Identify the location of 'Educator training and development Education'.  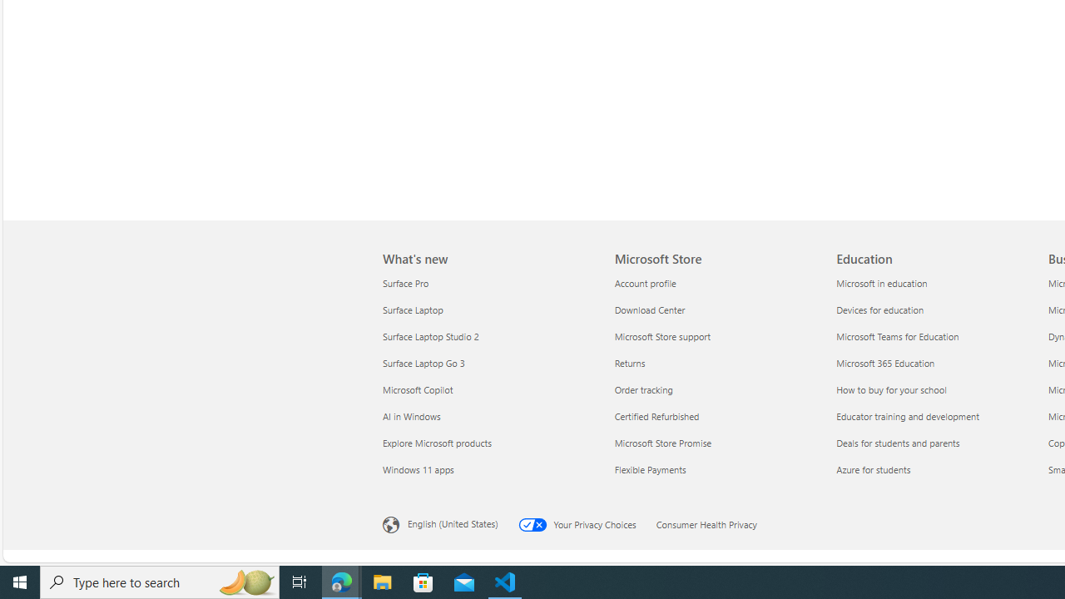
(907, 415).